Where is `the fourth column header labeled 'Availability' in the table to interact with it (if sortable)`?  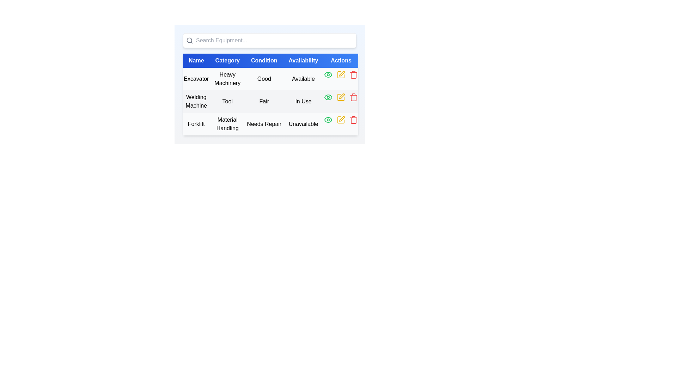
the fourth column header labeled 'Availability' in the table to interact with it (if sortable) is located at coordinates (303, 60).